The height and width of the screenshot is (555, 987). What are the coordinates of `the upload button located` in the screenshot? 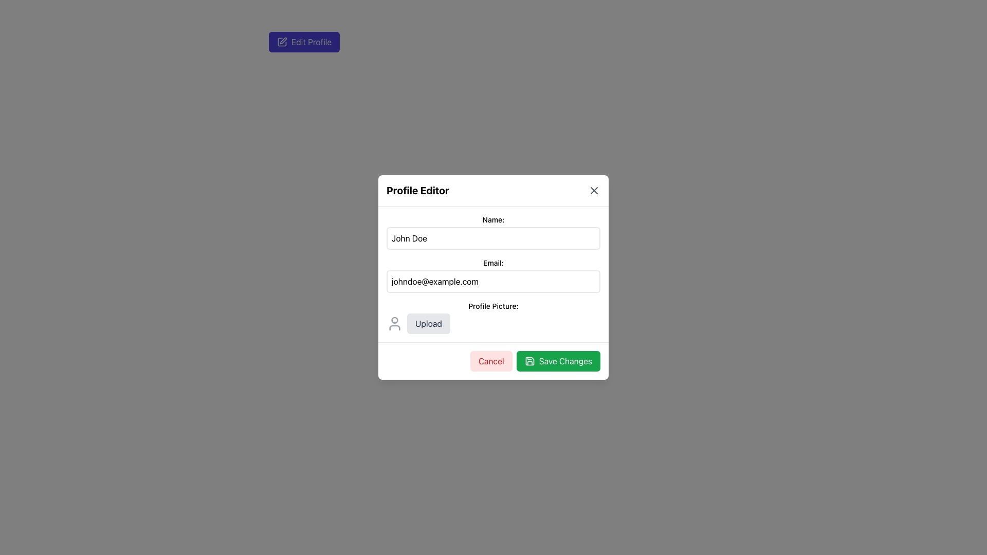 It's located at (428, 323).